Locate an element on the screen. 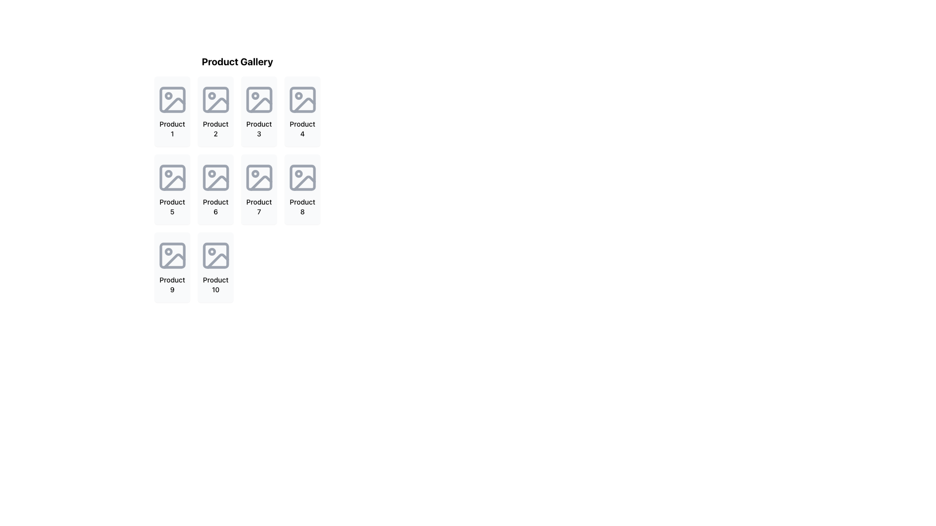  the text label that displays the name of the second product item in the gallery, located in the second row and second column of a 4x3 grid structure is located at coordinates (215, 129).